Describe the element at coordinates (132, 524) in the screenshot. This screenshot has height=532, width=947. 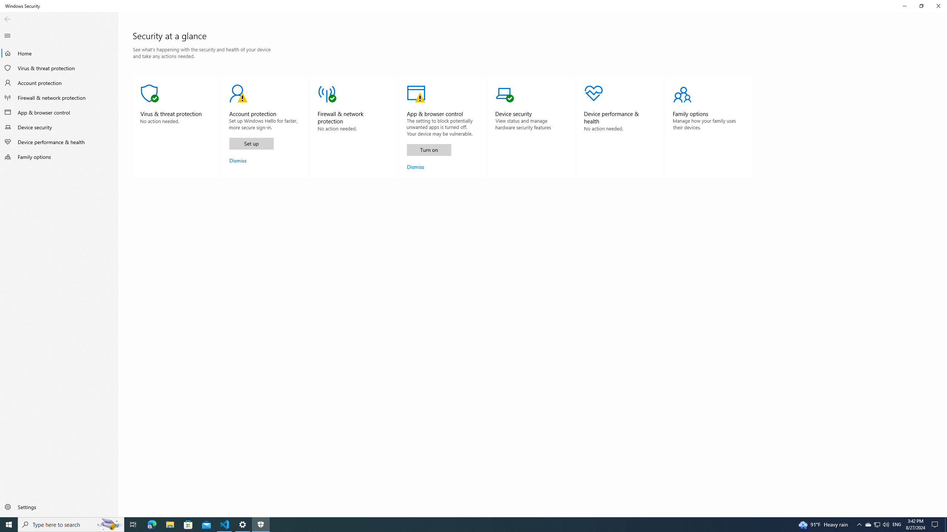
I see `'Task View'` at that location.